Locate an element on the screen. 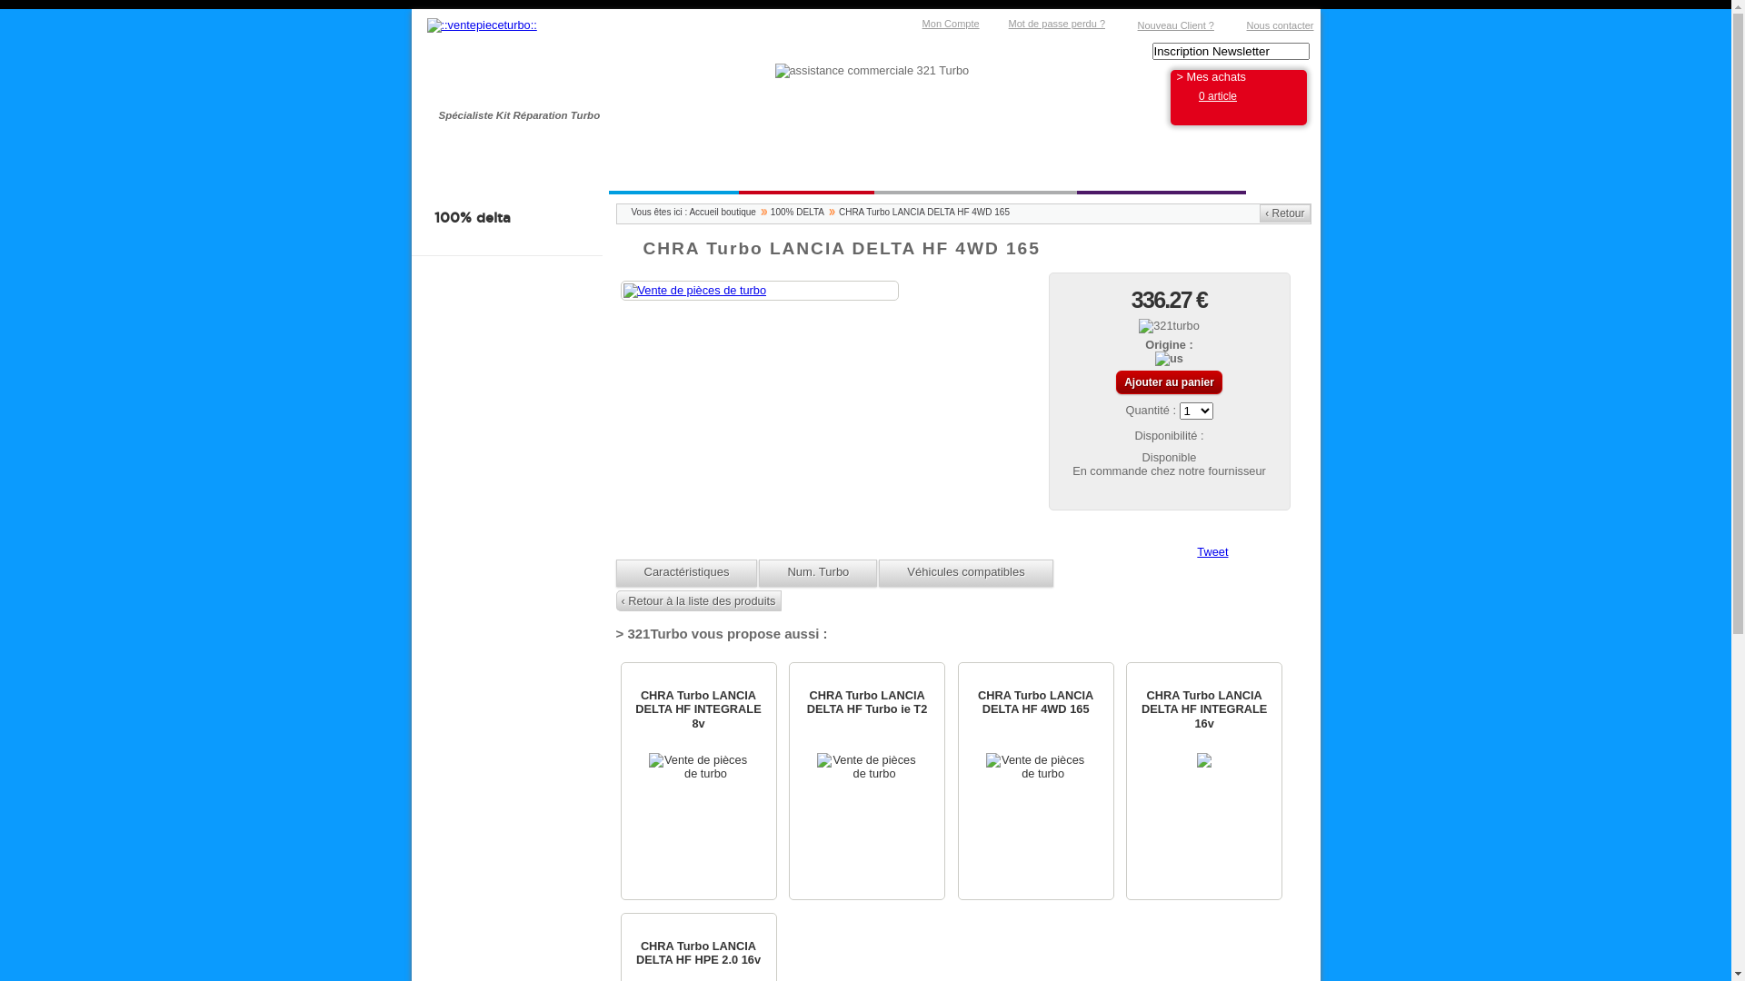 The width and height of the screenshot is (1745, 981). 'Num. Turbo' is located at coordinates (817, 573).